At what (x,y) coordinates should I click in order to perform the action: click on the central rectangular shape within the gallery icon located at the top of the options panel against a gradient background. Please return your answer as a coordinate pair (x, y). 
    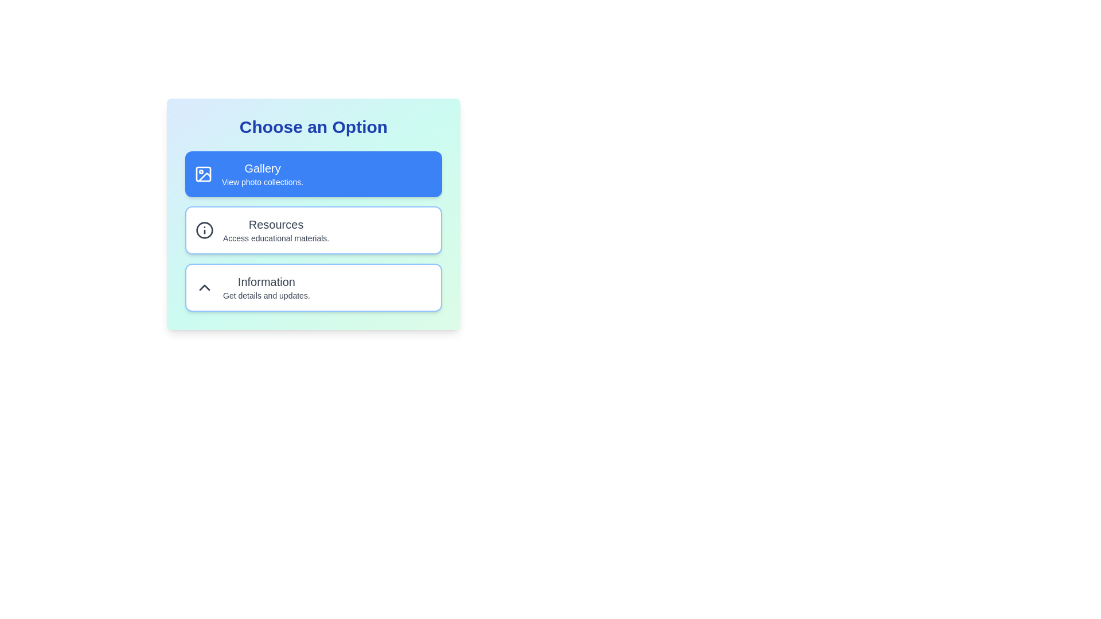
    Looking at the image, I should click on (204, 174).